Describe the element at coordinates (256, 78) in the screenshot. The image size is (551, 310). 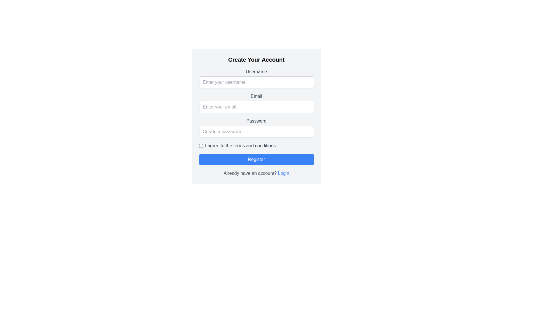
I see `the username input field located at the top of the registration form to focus on it` at that location.